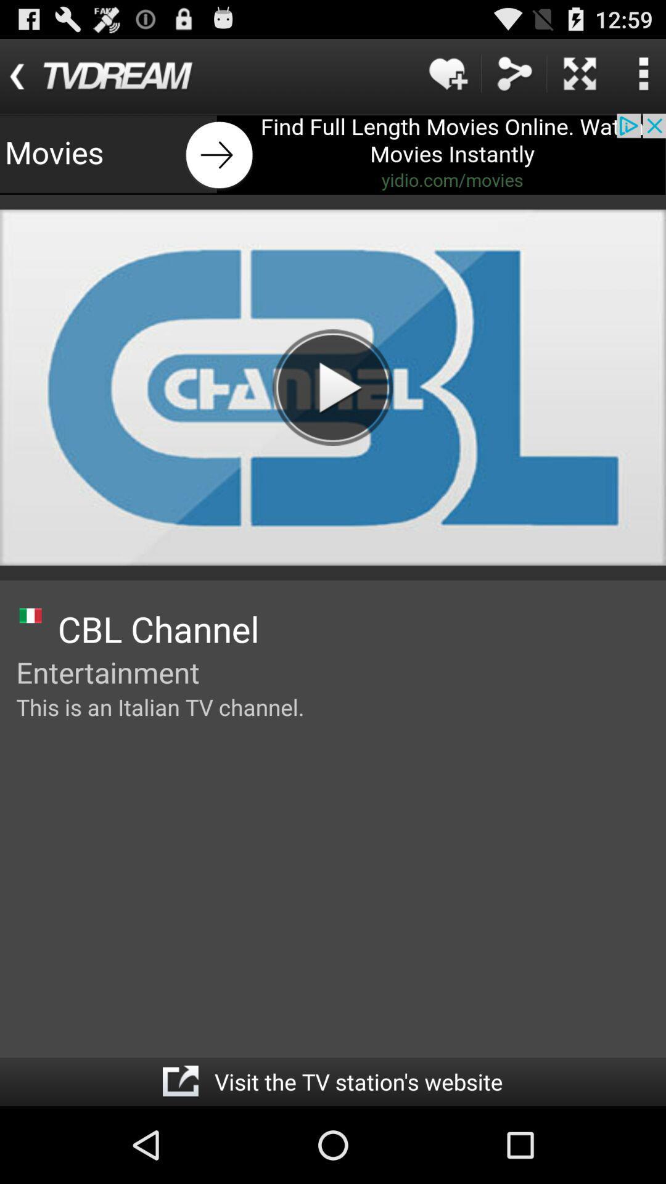  I want to click on the share icon, so click(514, 78).